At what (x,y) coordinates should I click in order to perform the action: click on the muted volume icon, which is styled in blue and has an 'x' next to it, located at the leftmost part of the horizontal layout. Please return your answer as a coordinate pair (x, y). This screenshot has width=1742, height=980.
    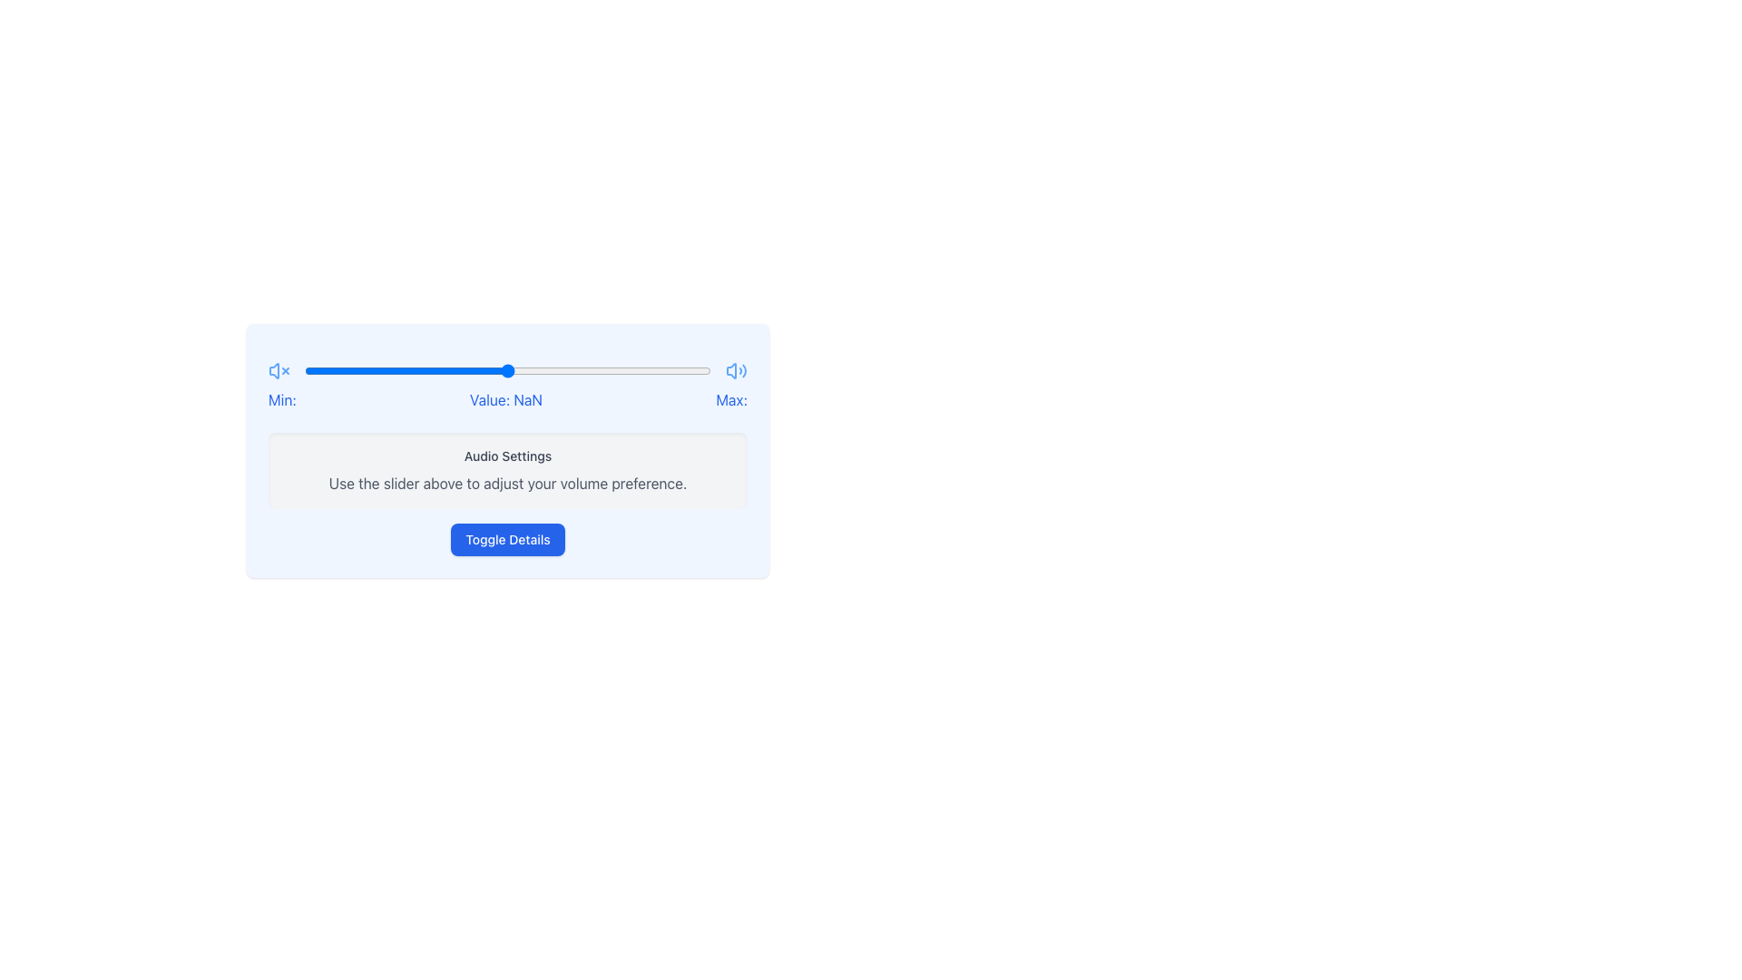
    Looking at the image, I should click on (278, 369).